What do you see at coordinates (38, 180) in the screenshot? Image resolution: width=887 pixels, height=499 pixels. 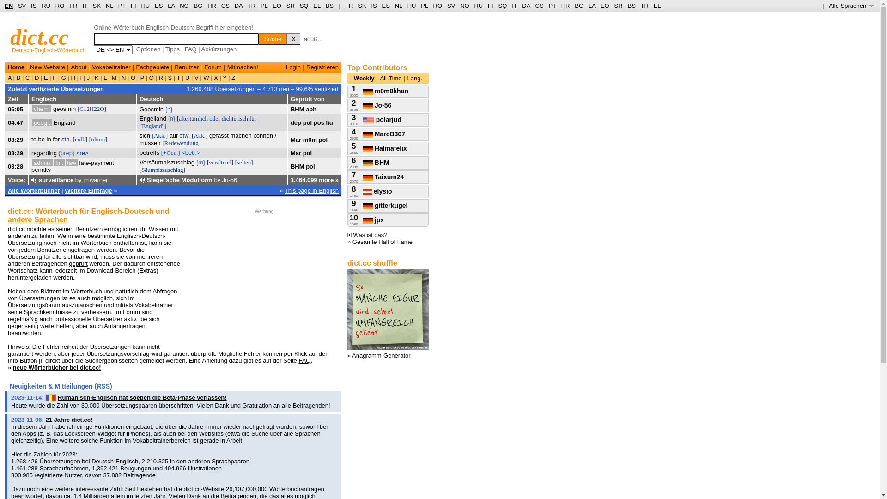 I see `'surveillance'` at bounding box center [38, 180].